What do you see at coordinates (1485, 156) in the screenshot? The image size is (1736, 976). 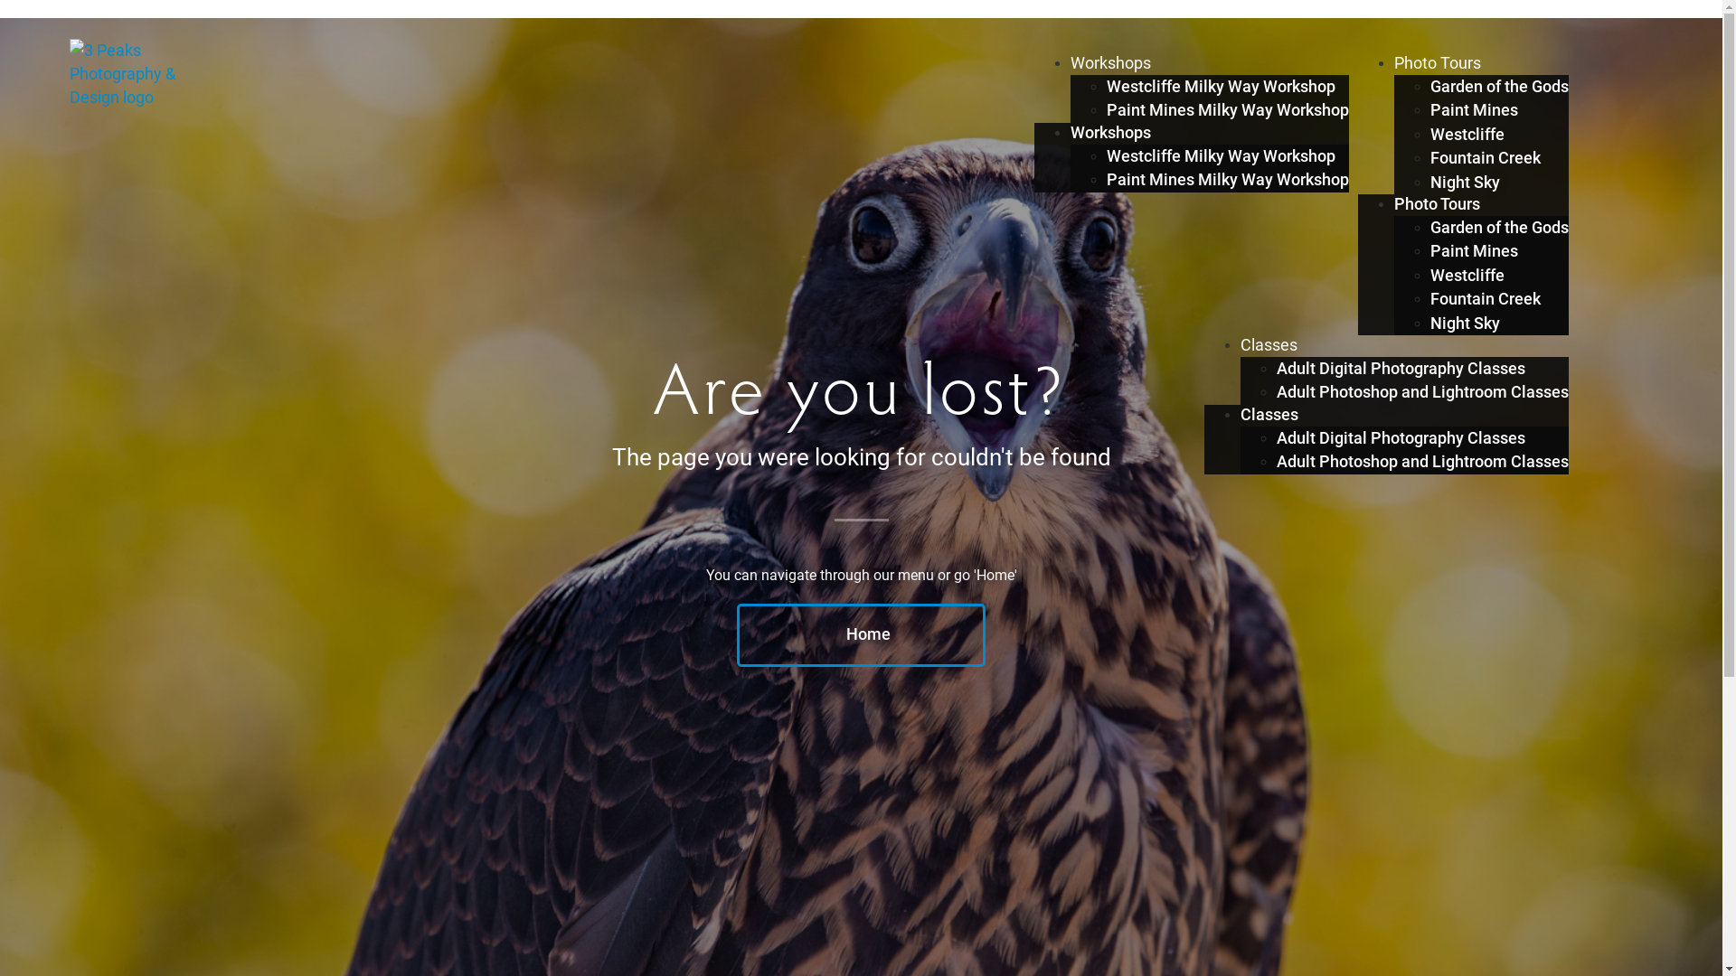 I see `'Fountain Creek'` at bounding box center [1485, 156].